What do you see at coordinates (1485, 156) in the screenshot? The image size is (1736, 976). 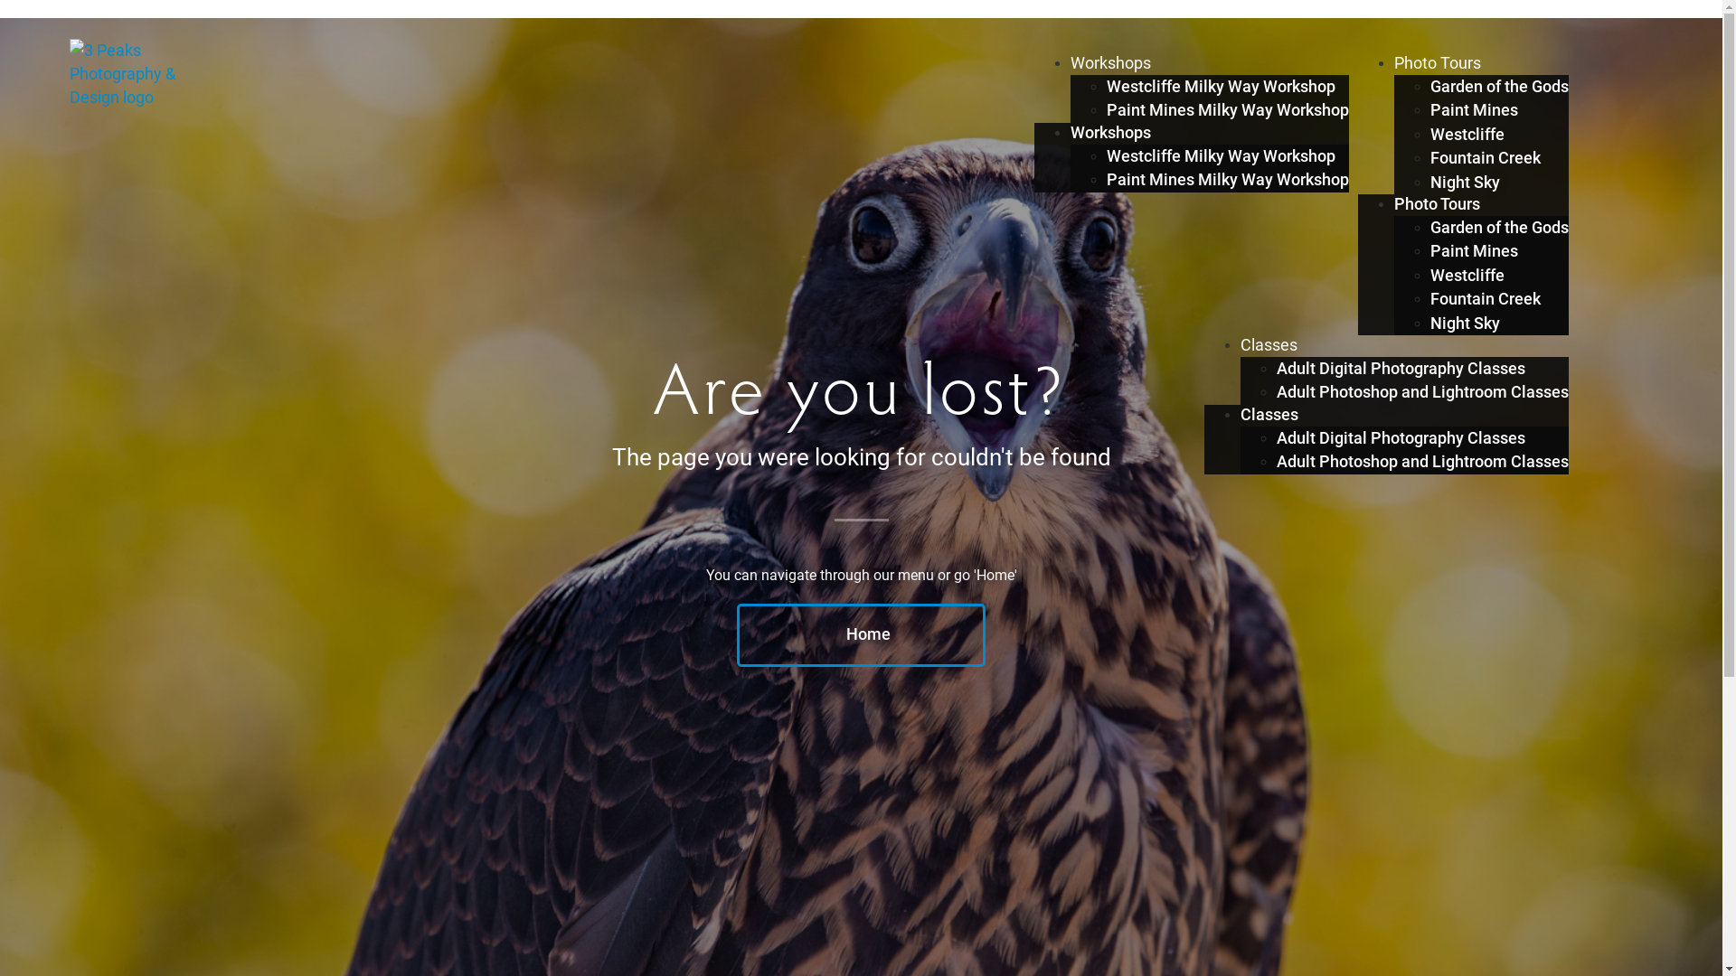 I see `'Fountain Creek'` at bounding box center [1485, 156].